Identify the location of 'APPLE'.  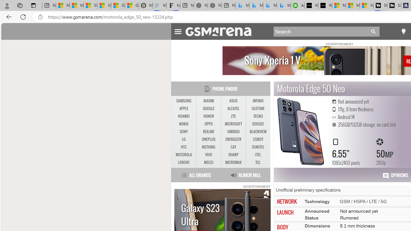
(183, 108).